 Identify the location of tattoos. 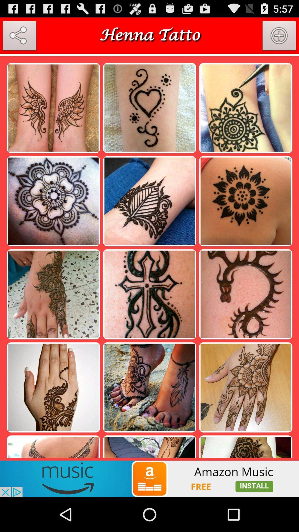
(149, 55).